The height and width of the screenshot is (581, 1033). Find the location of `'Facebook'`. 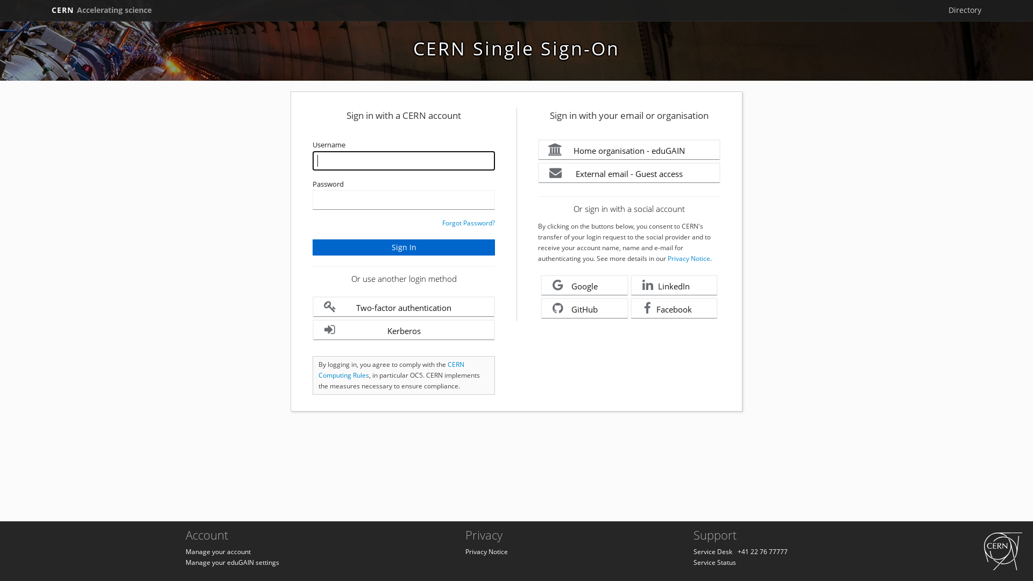

'Facebook' is located at coordinates (674, 308).